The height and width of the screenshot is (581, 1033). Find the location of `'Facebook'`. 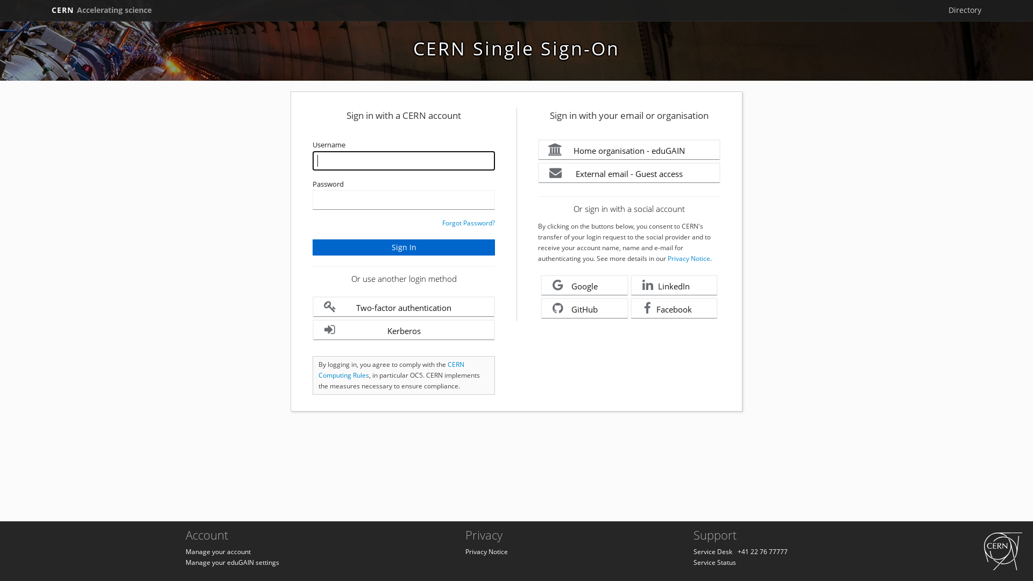

'Facebook' is located at coordinates (674, 308).